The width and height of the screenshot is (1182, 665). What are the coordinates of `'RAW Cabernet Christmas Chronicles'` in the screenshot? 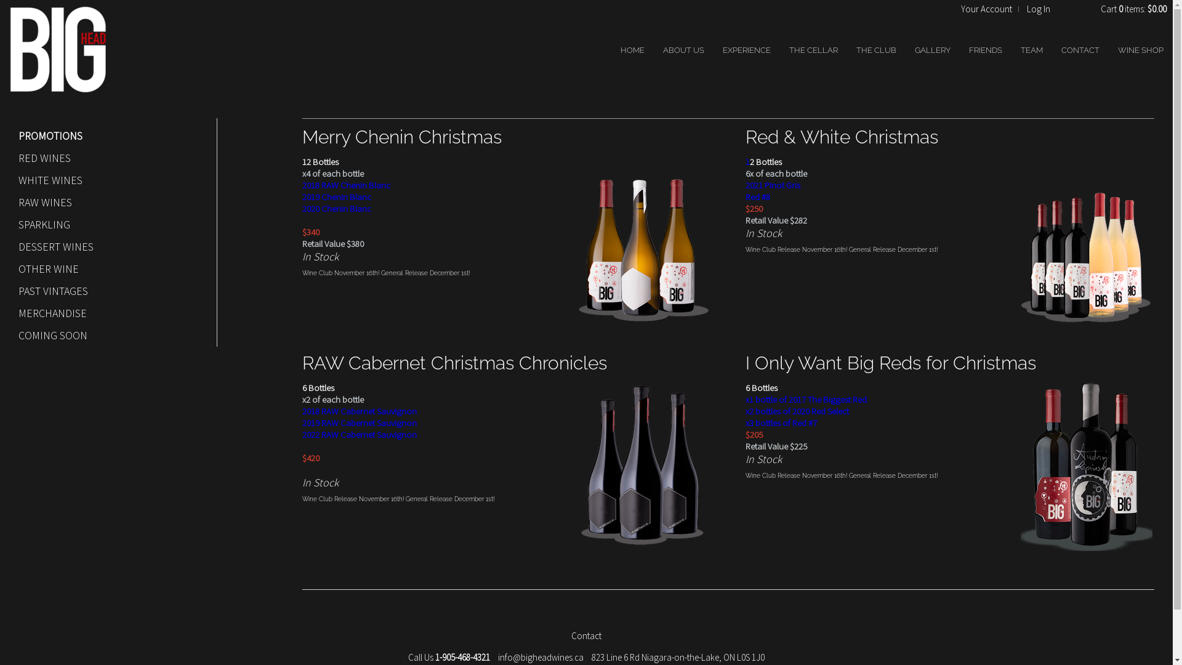 It's located at (454, 362).